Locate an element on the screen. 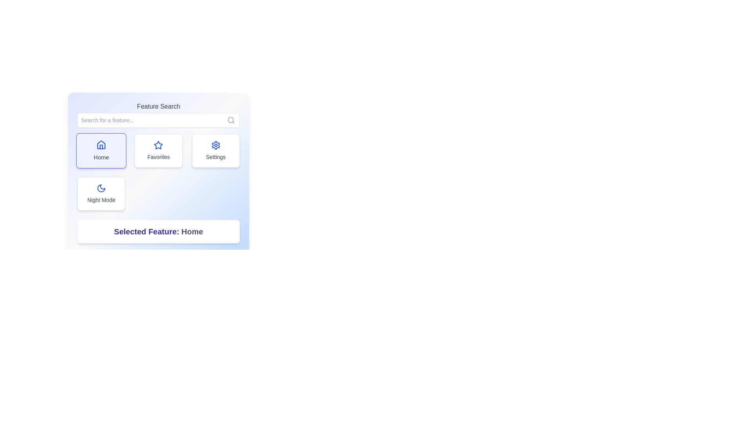 The width and height of the screenshot is (751, 422). the settings button, which is the third item in the first row of the grid layout is located at coordinates (216, 150).